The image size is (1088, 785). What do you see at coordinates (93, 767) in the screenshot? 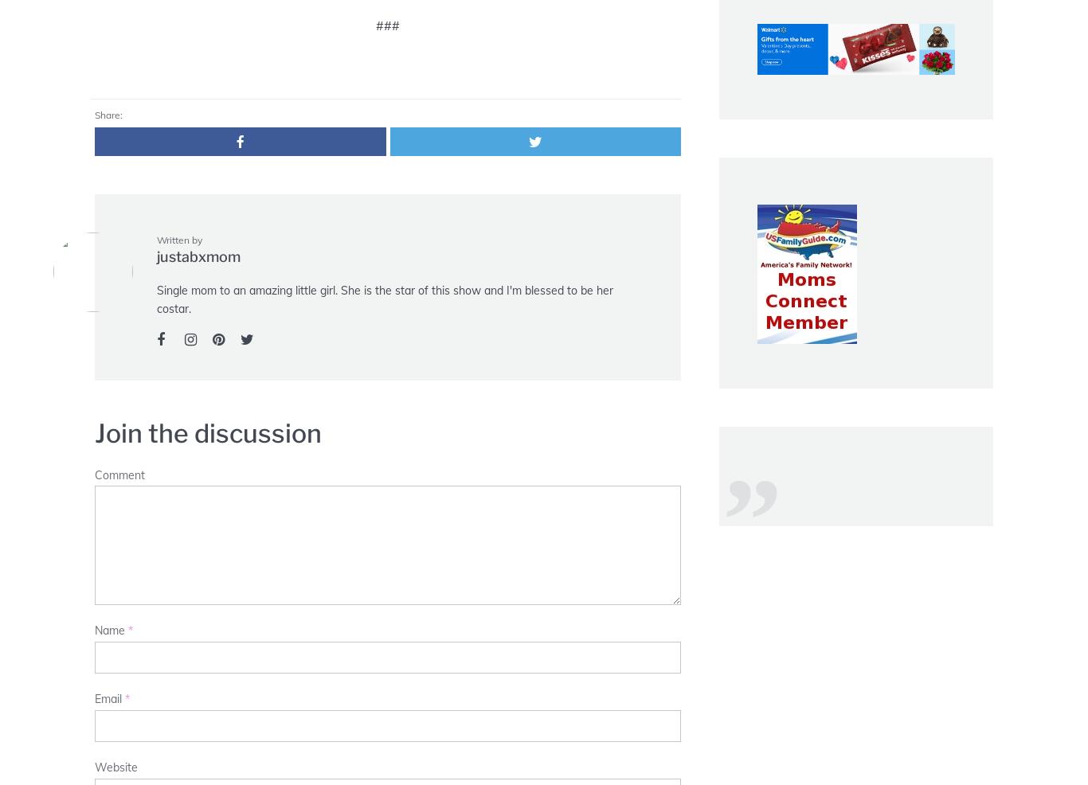
I see `'Website'` at bounding box center [93, 767].